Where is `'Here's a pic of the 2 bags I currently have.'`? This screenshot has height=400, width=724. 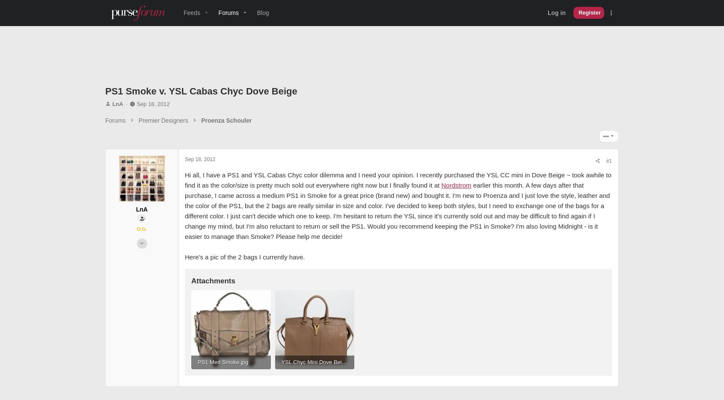 'Here's a pic of the 2 bags I currently have.' is located at coordinates (244, 287).